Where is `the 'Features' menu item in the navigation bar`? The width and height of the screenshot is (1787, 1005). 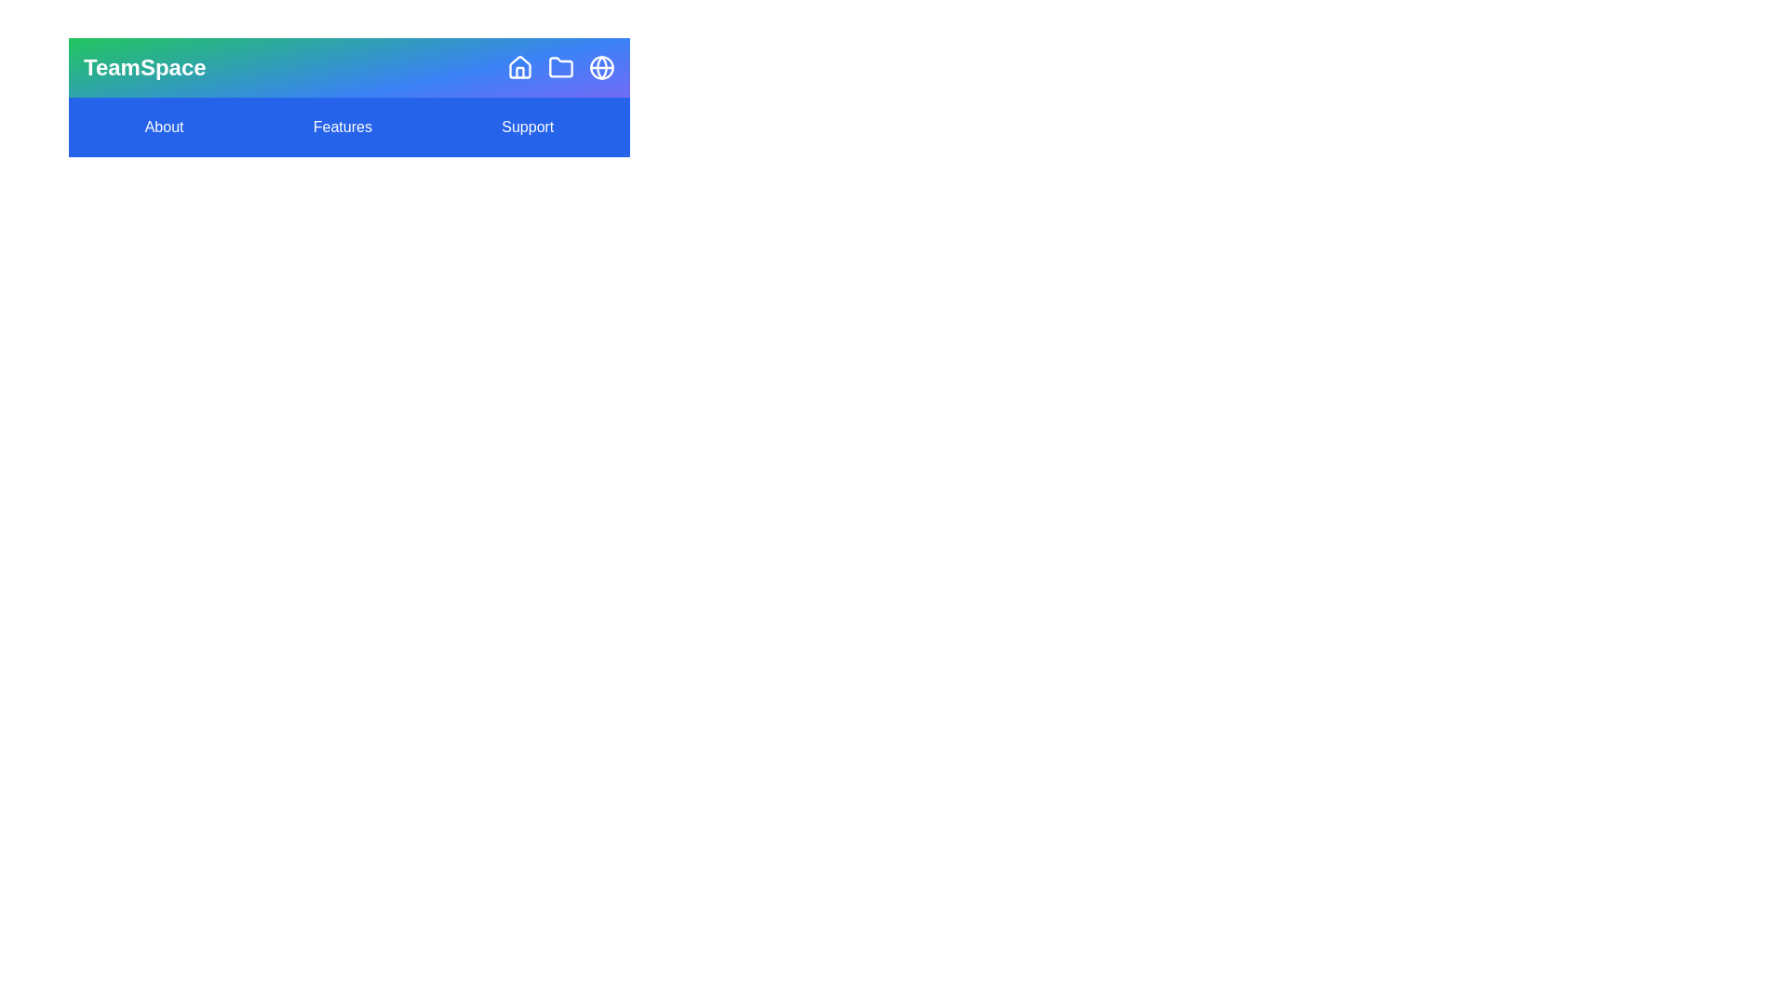
the 'Features' menu item in the navigation bar is located at coordinates (343, 127).